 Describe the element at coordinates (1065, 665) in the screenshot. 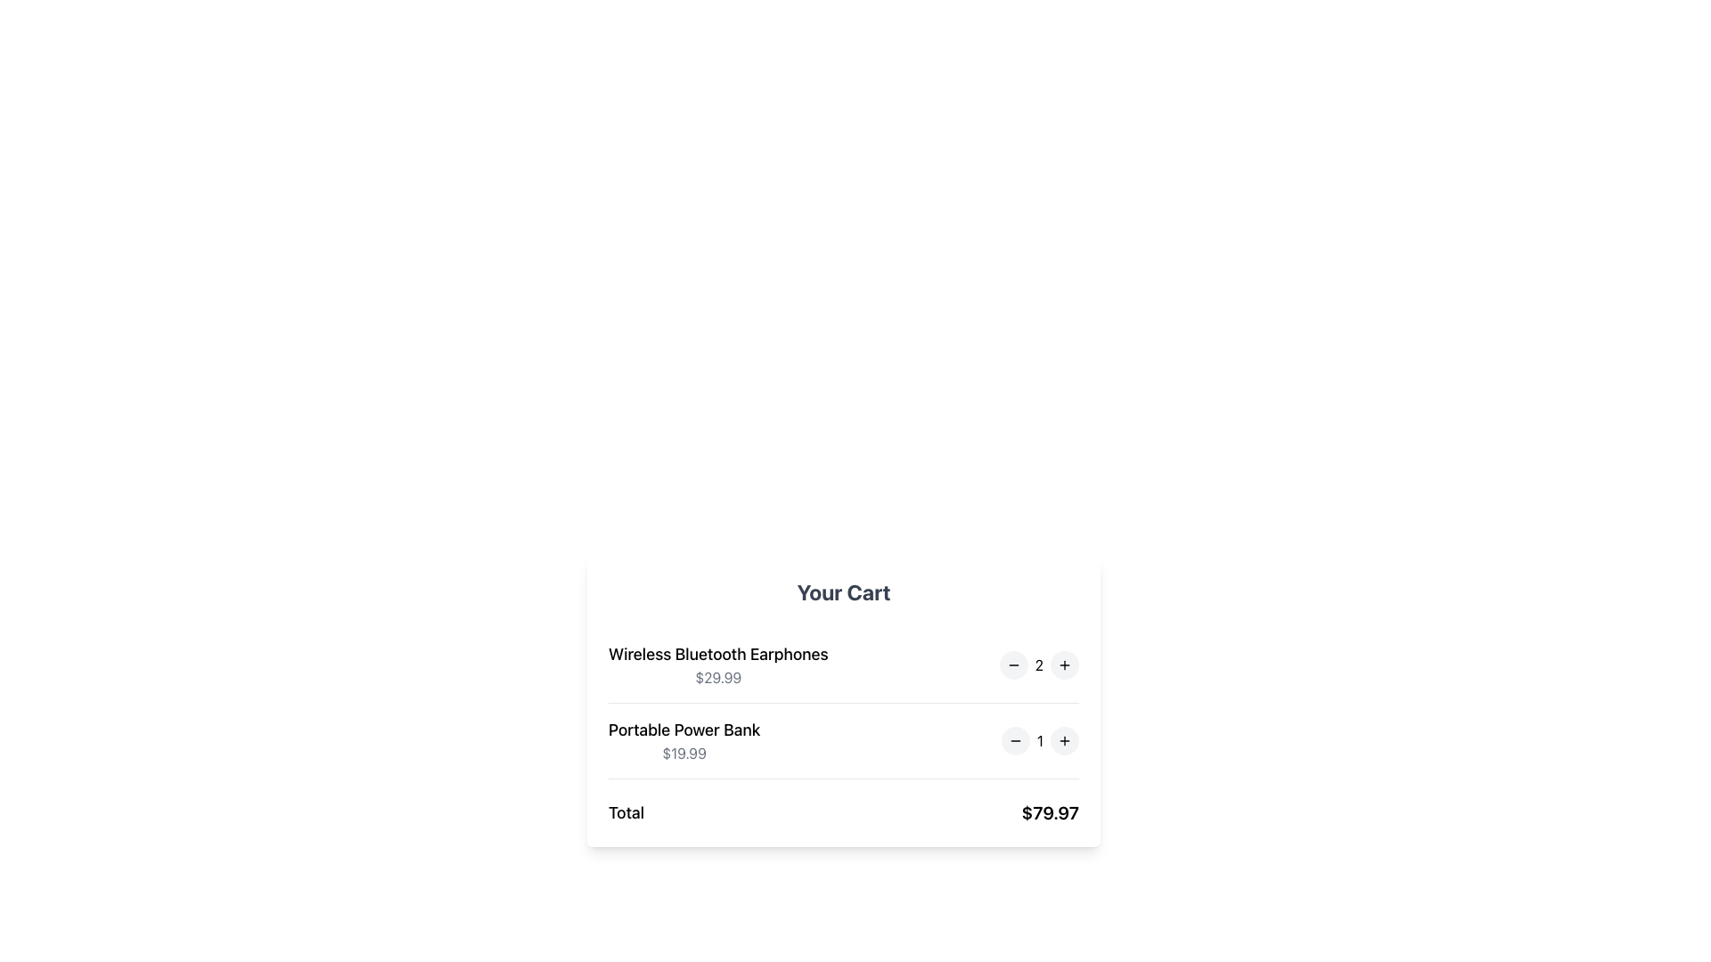

I see `the button to increase the quantity of 'Wireless Bluetooth Earphones' in the shopping cart, located immediately to the right of the quantity display ('2')` at that location.